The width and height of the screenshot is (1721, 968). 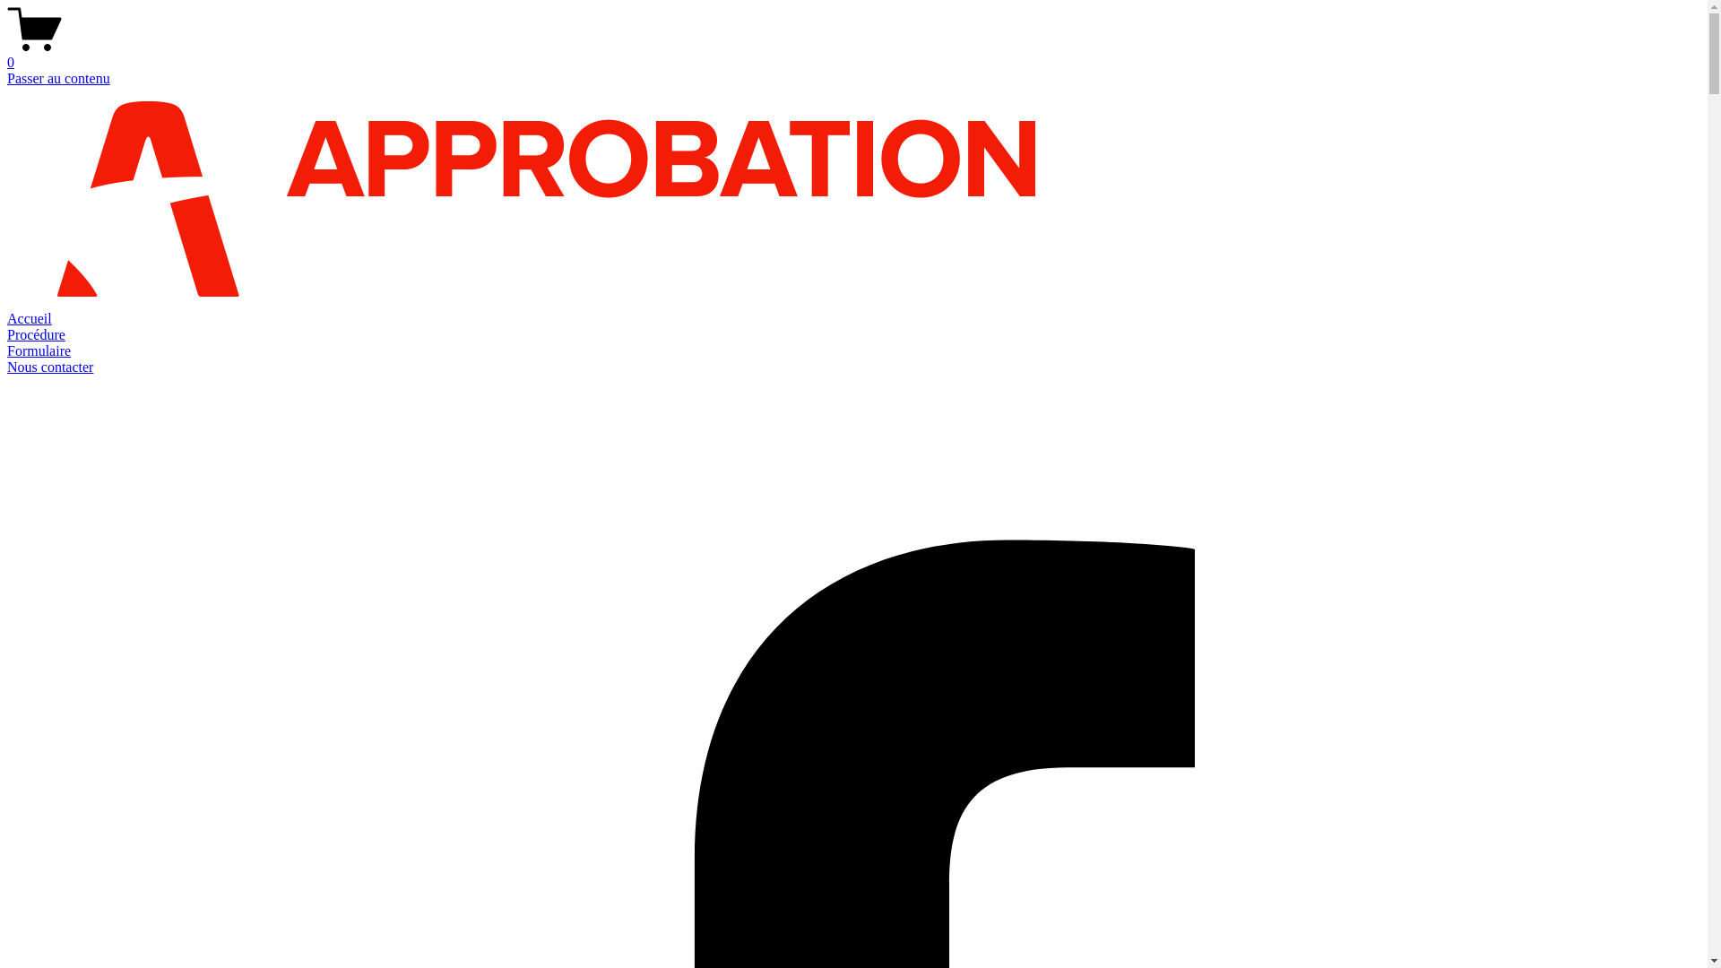 I want to click on 'Passer au contenu', so click(x=58, y=77).